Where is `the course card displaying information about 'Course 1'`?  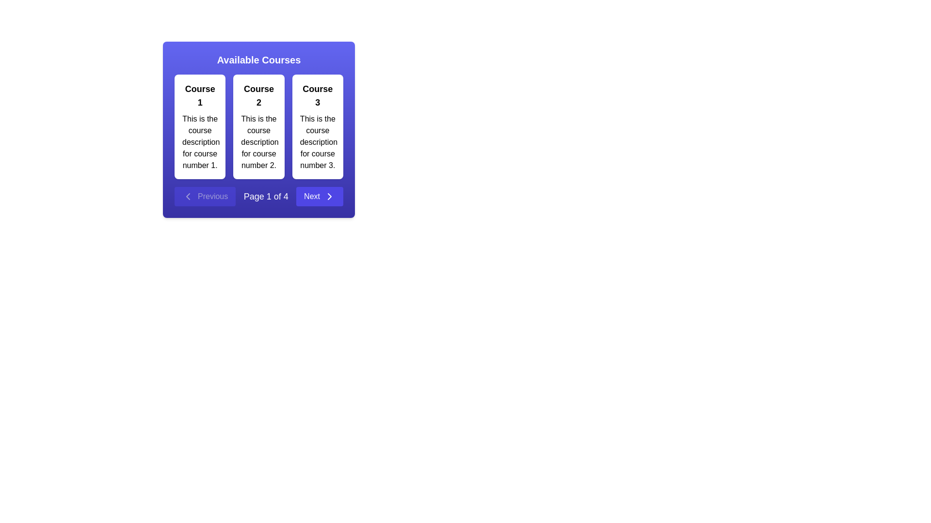 the course card displaying information about 'Course 1' is located at coordinates (199, 126).